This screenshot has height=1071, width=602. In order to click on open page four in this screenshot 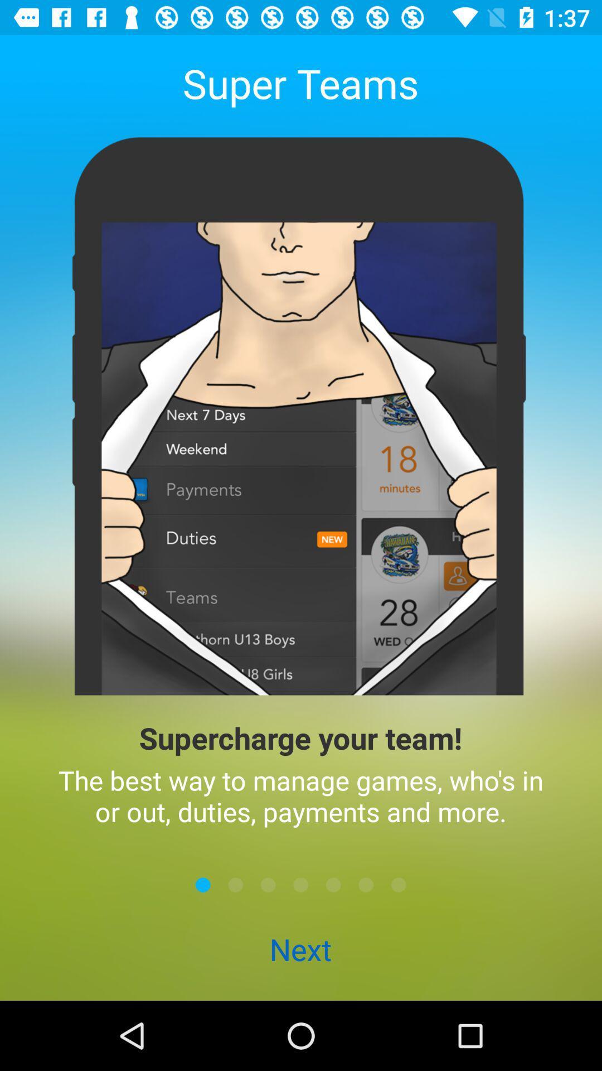, I will do `click(301, 884)`.